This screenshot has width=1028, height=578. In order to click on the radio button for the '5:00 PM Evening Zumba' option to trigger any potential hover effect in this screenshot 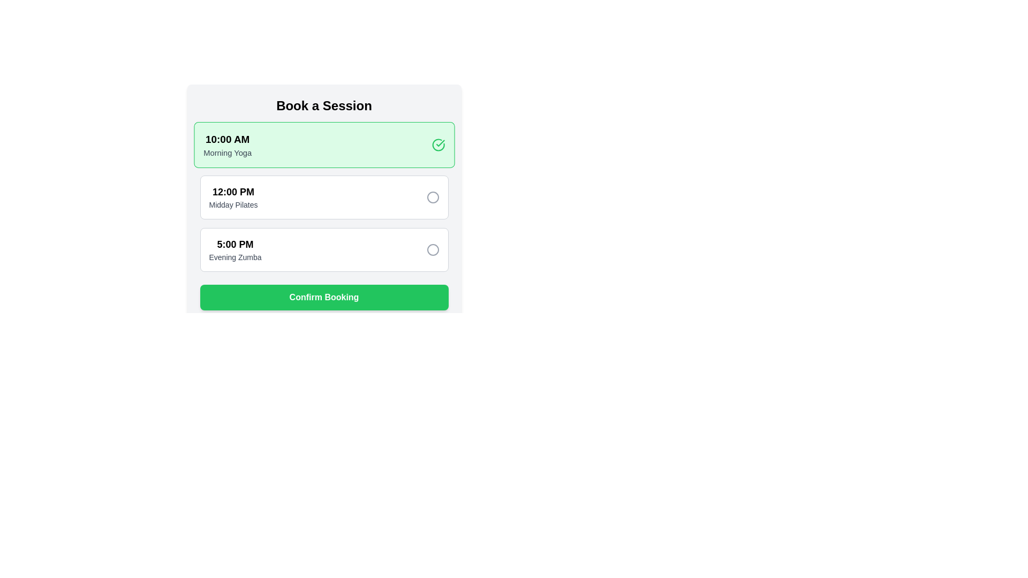, I will do `click(433, 249)`.